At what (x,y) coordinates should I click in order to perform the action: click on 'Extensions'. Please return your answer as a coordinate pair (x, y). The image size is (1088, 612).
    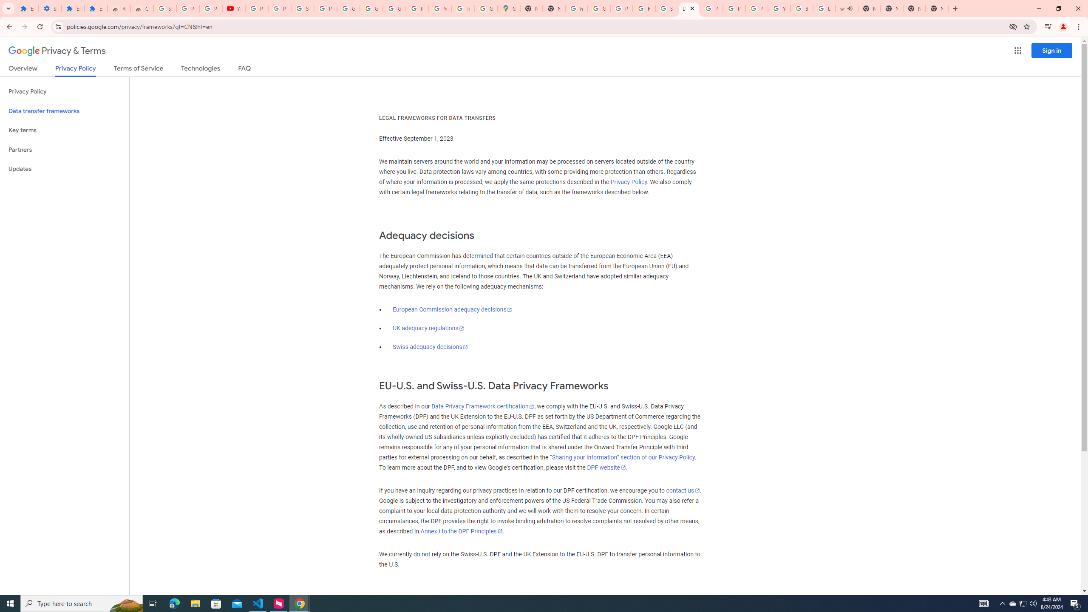
    Looking at the image, I should click on (73, 8).